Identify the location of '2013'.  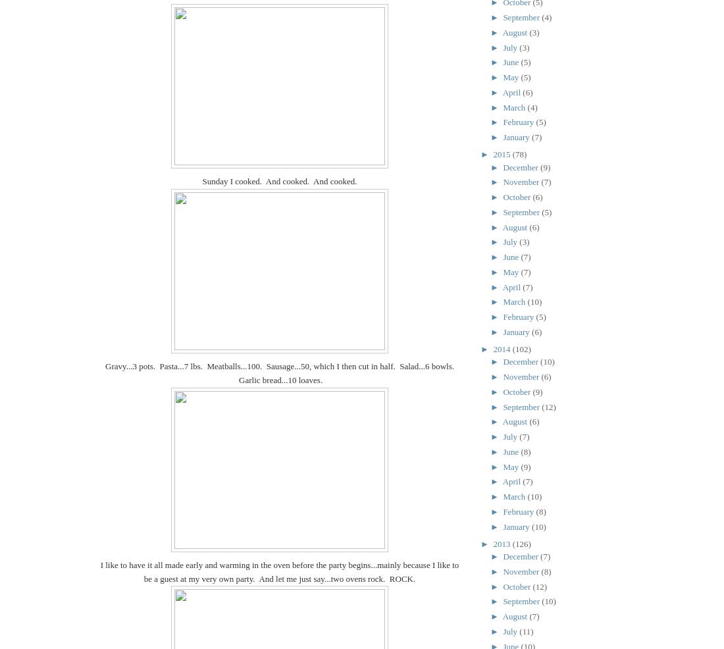
(492, 542).